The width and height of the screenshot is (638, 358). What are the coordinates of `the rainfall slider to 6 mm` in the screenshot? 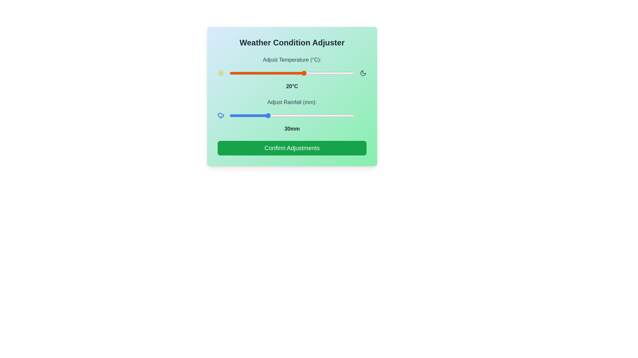 It's located at (237, 115).